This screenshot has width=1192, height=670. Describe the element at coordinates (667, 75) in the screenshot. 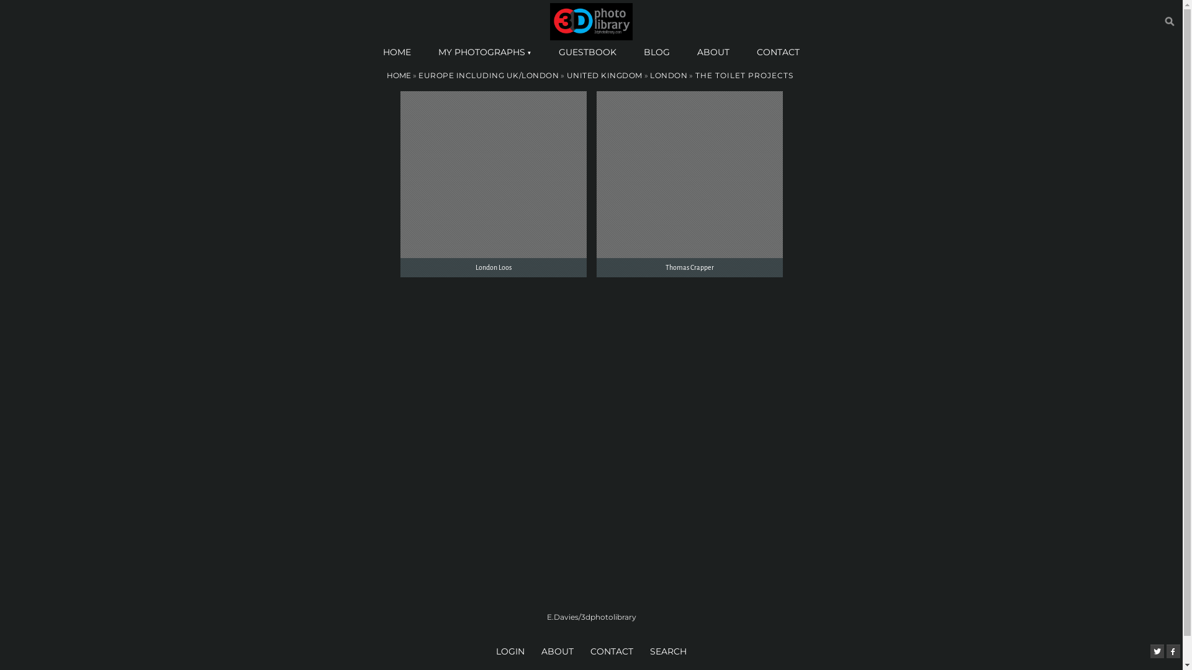

I see `'LONDON'` at that location.